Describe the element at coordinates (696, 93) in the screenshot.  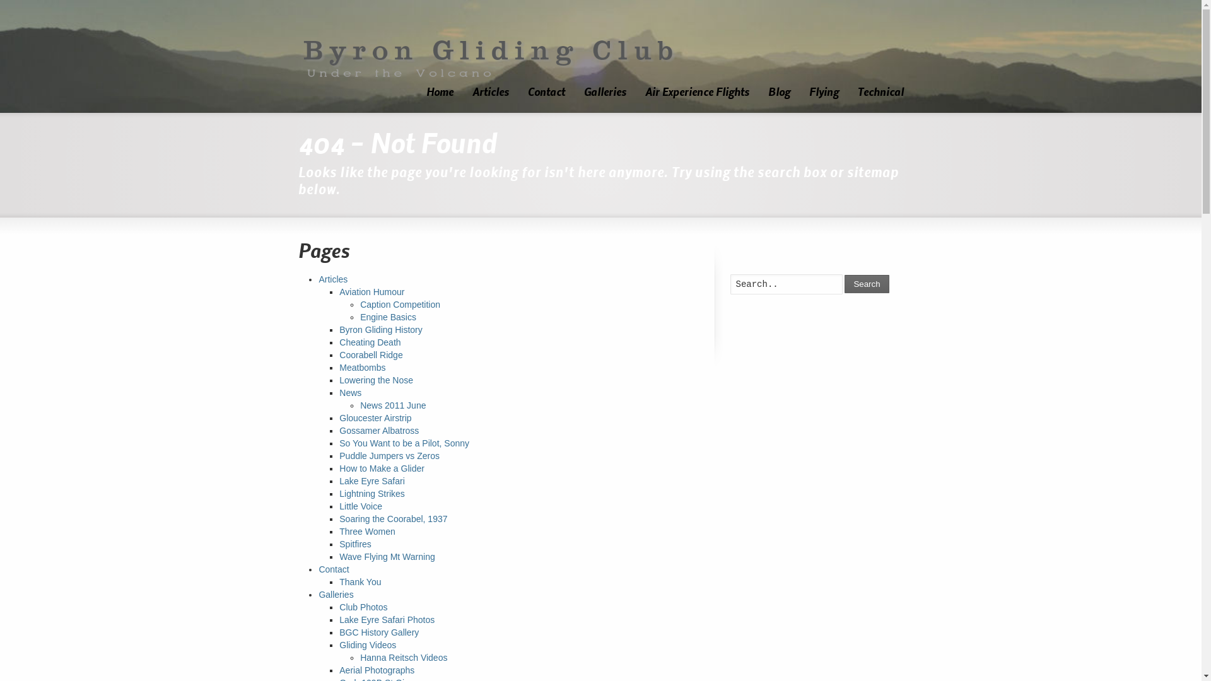
I see `'Air Experience Flights'` at that location.